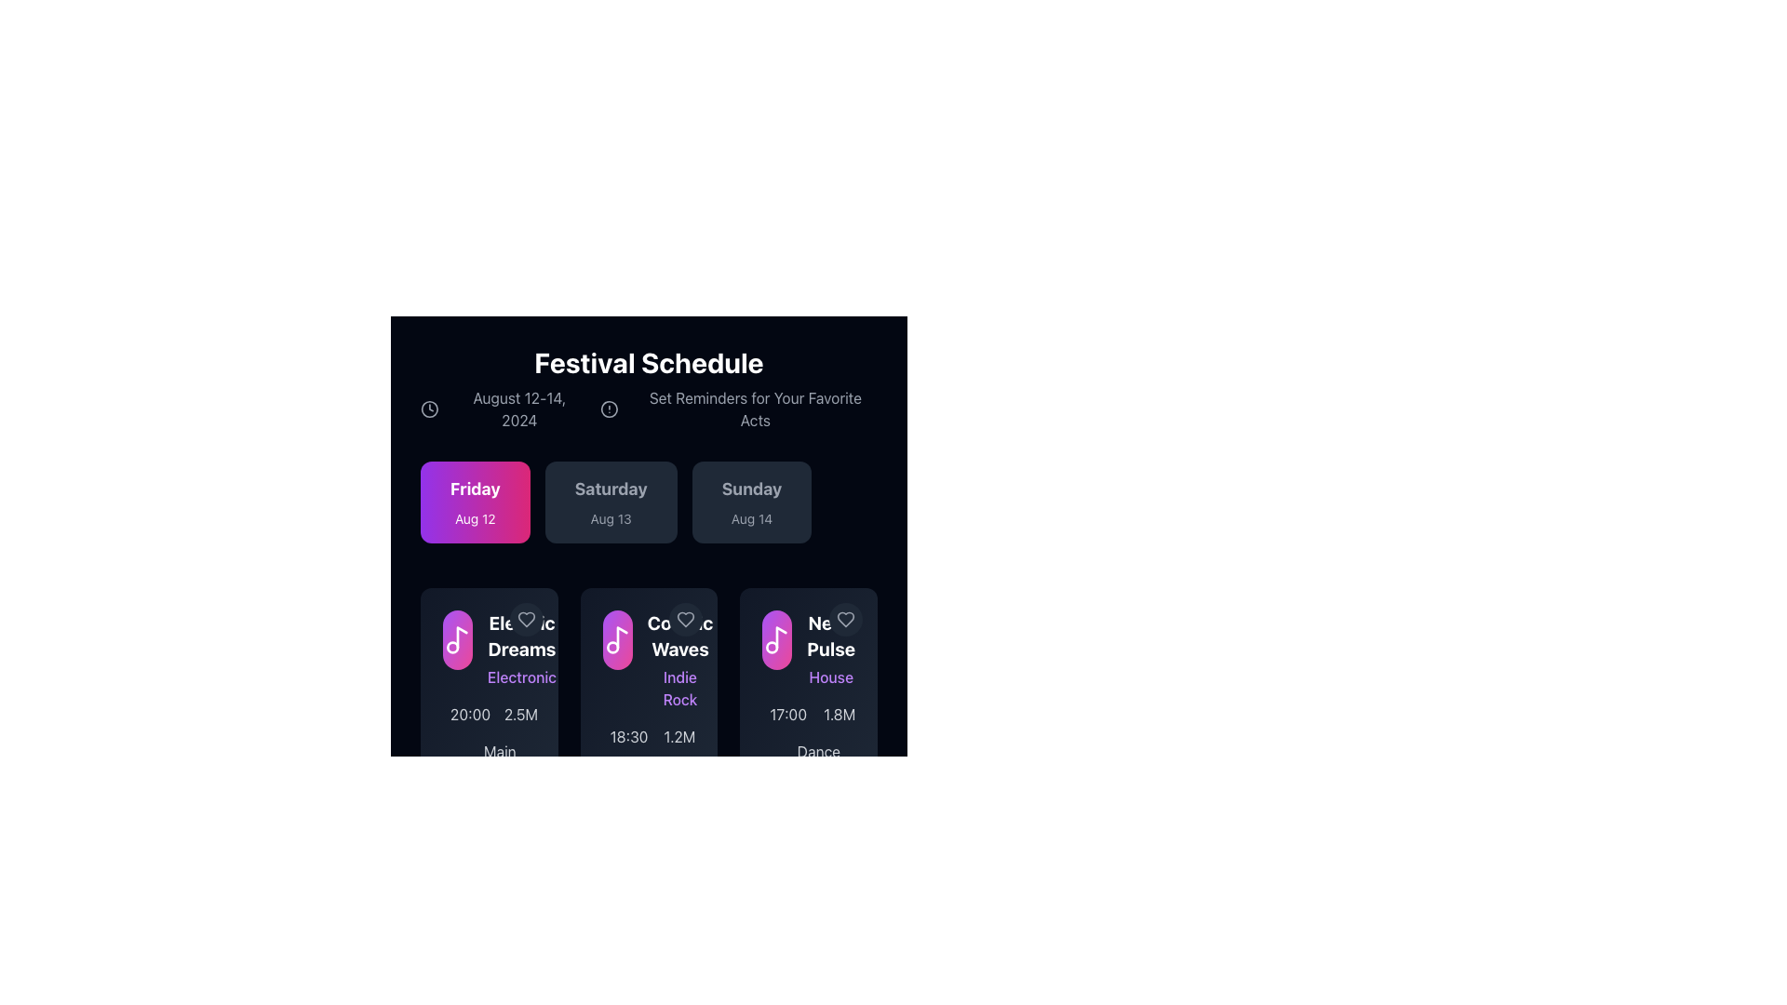  I want to click on the heart-shaped icon within the interactive button, so click(685, 620).